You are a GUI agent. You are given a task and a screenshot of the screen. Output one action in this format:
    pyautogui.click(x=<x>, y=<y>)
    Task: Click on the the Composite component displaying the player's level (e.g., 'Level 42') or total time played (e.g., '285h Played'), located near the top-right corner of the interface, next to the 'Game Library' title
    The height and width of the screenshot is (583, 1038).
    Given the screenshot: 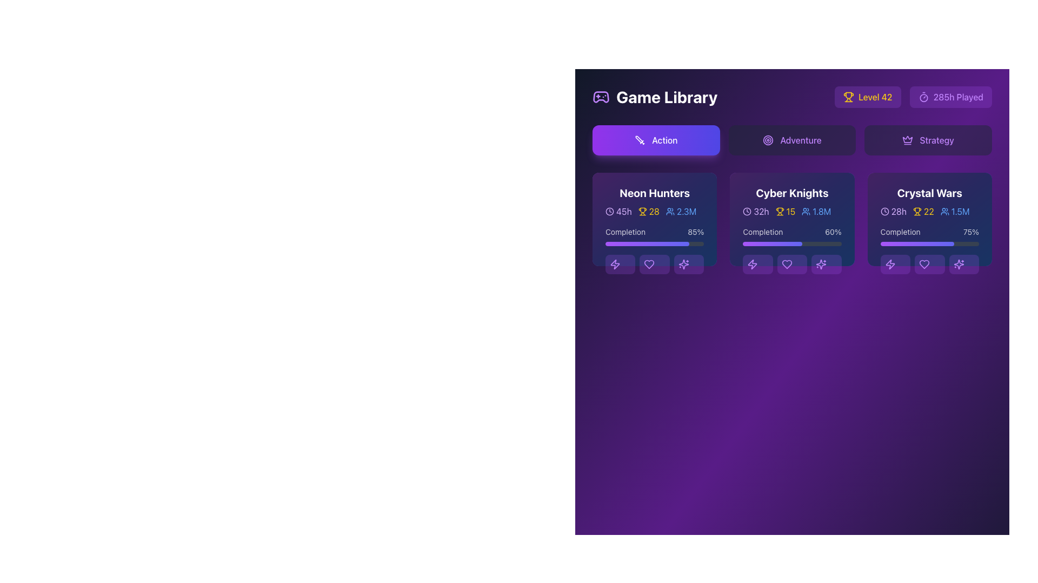 What is the action you would take?
    pyautogui.click(x=913, y=97)
    